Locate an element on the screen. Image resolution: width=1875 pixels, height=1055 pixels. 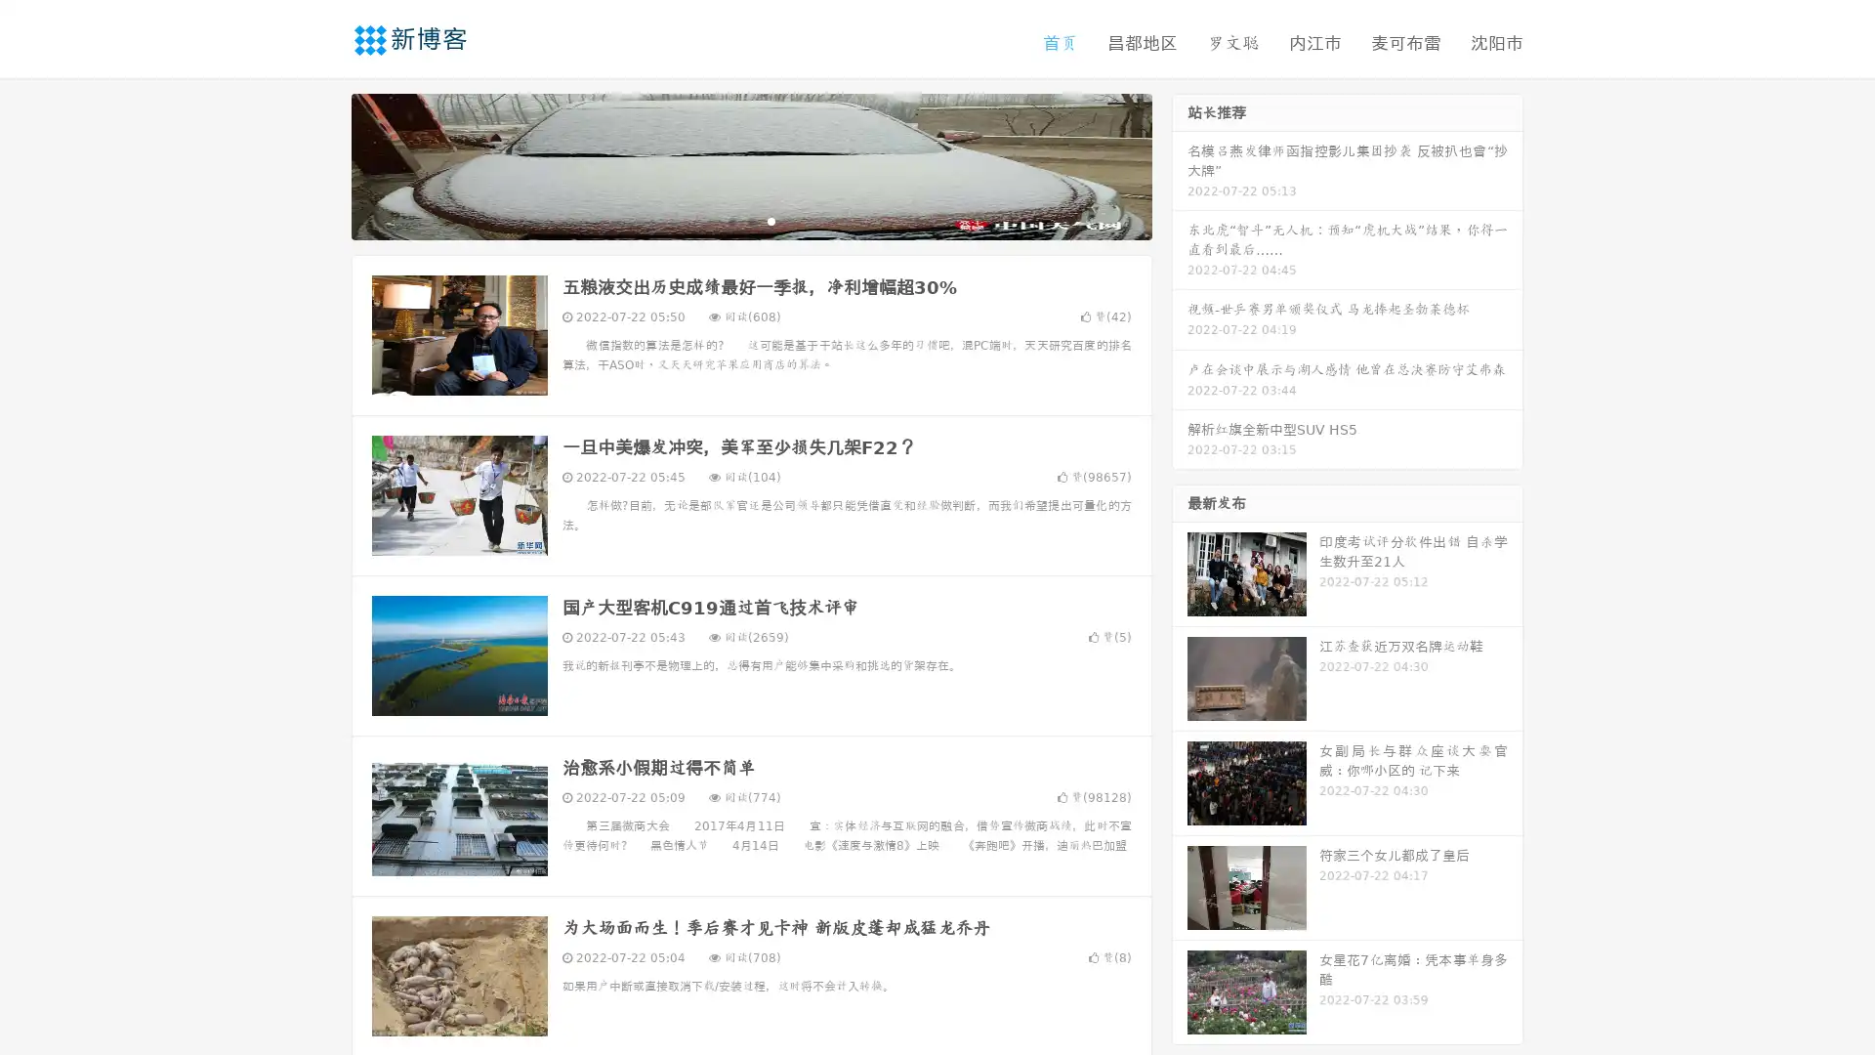
Go to slide 2 is located at coordinates (750, 220).